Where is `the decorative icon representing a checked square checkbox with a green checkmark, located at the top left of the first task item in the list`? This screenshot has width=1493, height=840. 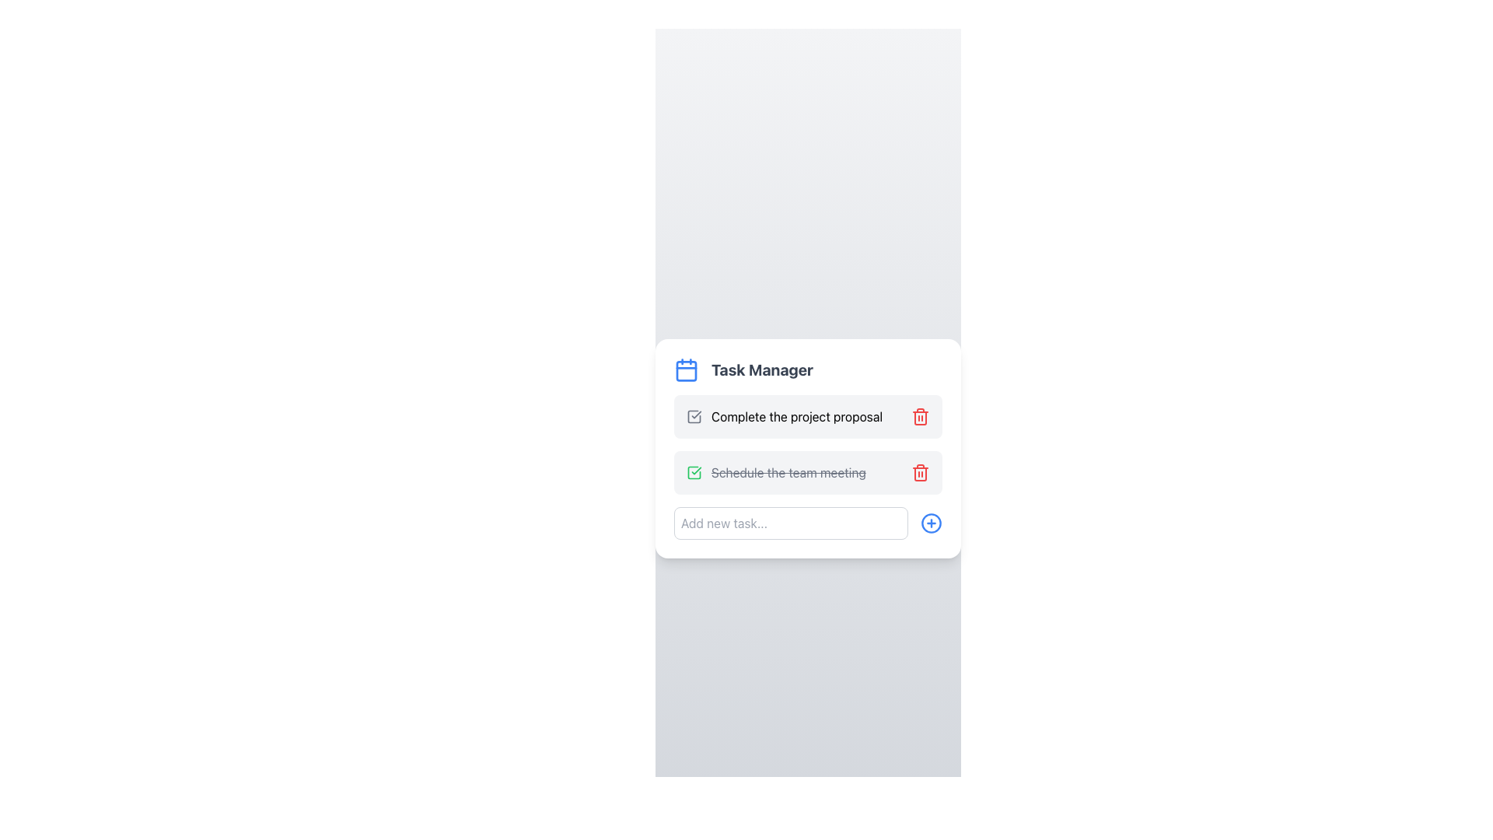 the decorative icon representing a checked square checkbox with a green checkmark, located at the top left of the first task item in the list is located at coordinates (693, 472).